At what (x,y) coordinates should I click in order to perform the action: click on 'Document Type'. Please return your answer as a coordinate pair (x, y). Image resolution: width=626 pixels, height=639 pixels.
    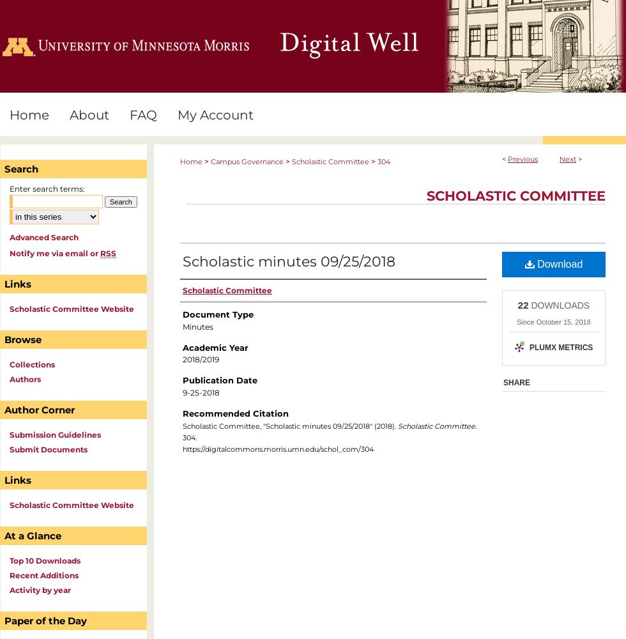
    Looking at the image, I should click on (218, 314).